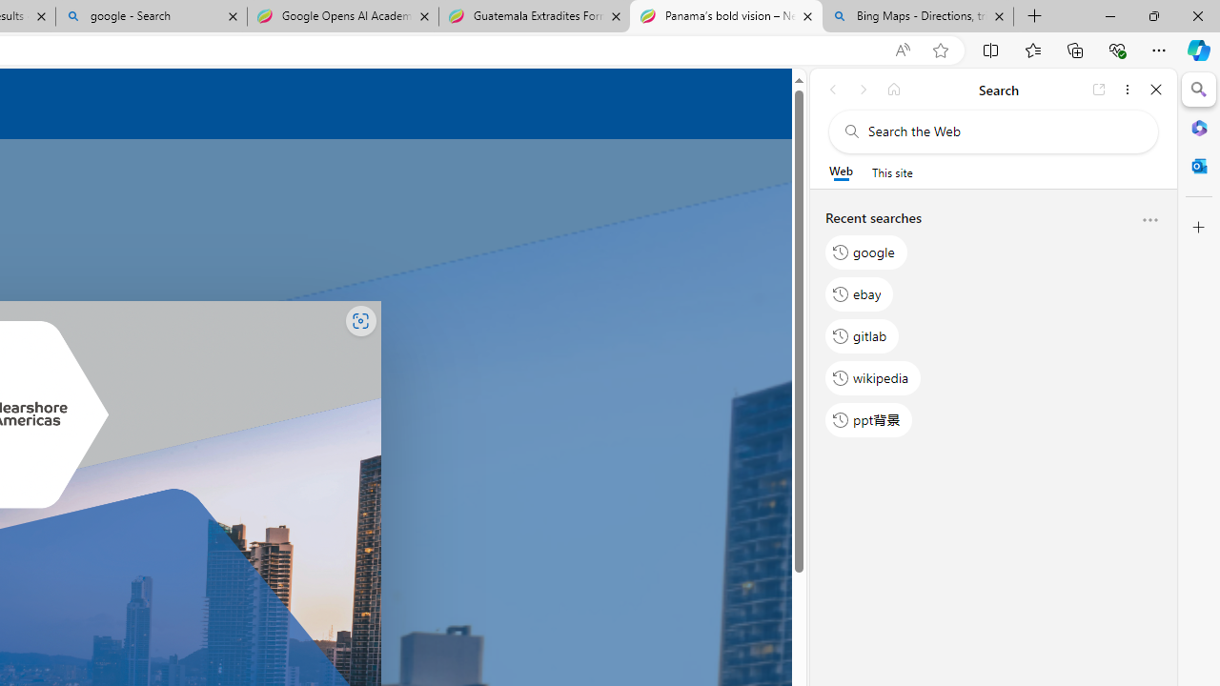 Image resolution: width=1220 pixels, height=686 pixels. Describe the element at coordinates (862, 334) in the screenshot. I see `'gitlab'` at that location.